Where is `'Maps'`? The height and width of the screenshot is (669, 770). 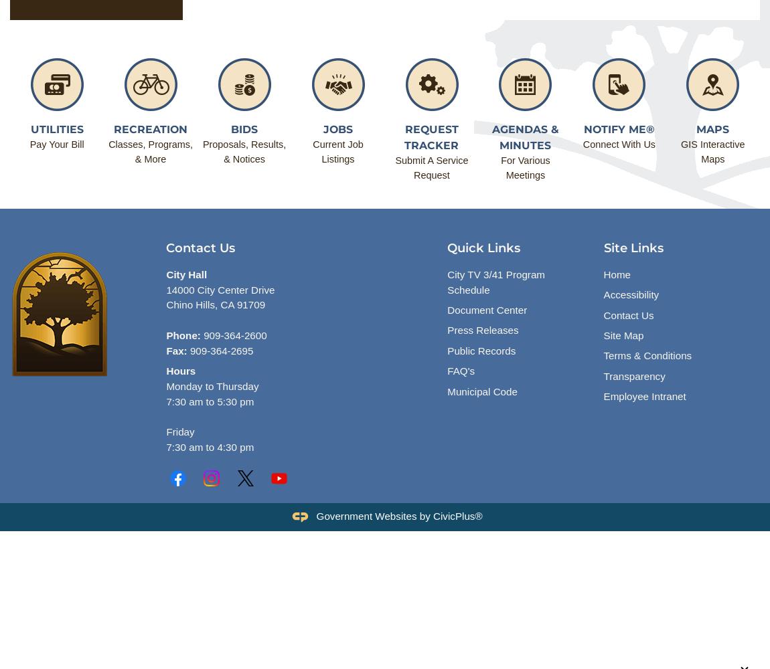
'Maps' is located at coordinates (712, 128).